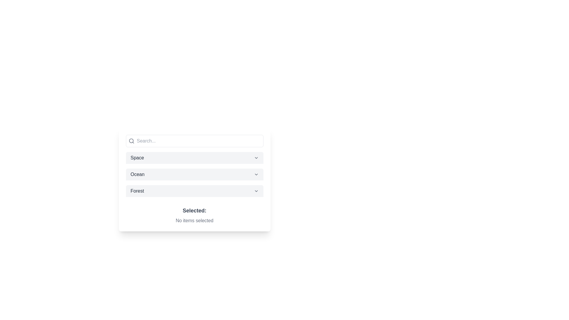 Image resolution: width=569 pixels, height=320 pixels. What do you see at coordinates (137, 174) in the screenshot?
I see `label 'Ocean' displayed in a bold or medium font weight within the dropdown menu as the second selectable row between 'Space' and 'Forest'` at bounding box center [137, 174].